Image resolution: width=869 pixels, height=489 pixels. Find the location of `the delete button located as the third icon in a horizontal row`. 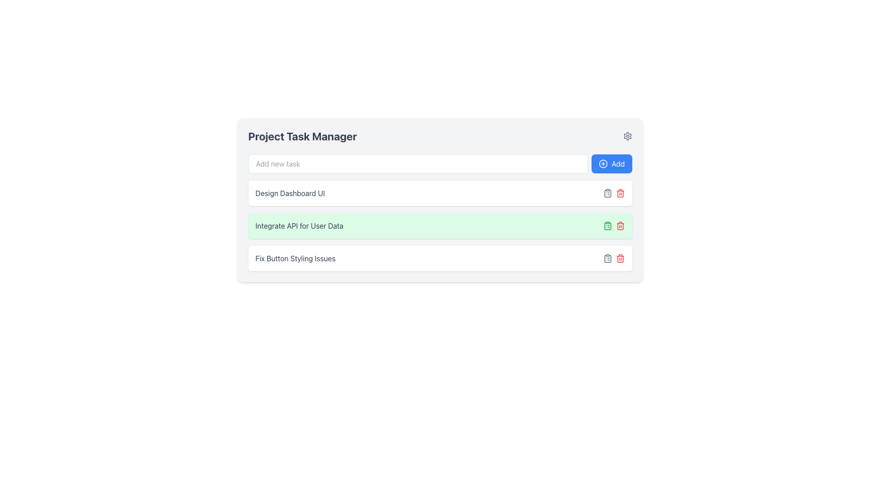

the delete button located as the third icon in a horizontal row is located at coordinates (620, 258).